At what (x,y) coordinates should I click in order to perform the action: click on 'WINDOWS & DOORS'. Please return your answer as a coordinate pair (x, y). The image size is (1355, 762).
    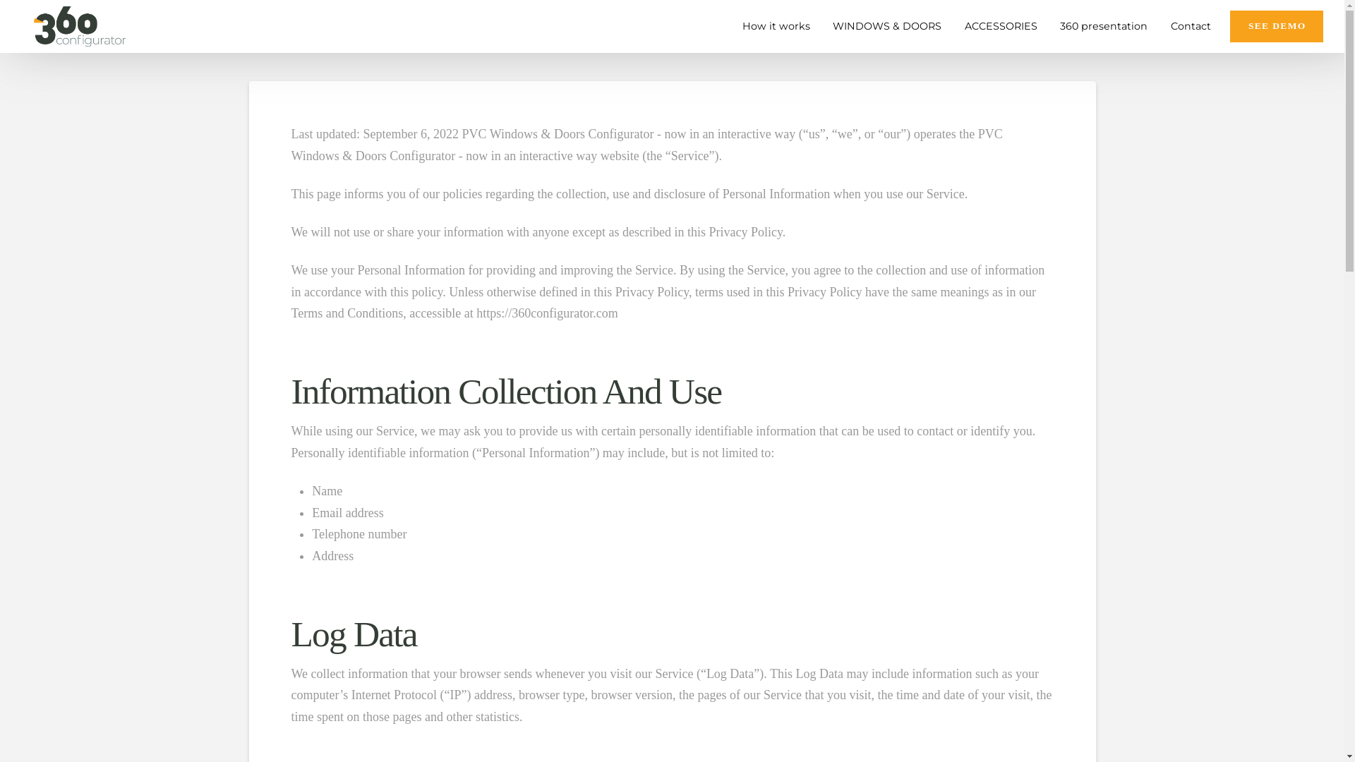
    Looking at the image, I should click on (819, 26).